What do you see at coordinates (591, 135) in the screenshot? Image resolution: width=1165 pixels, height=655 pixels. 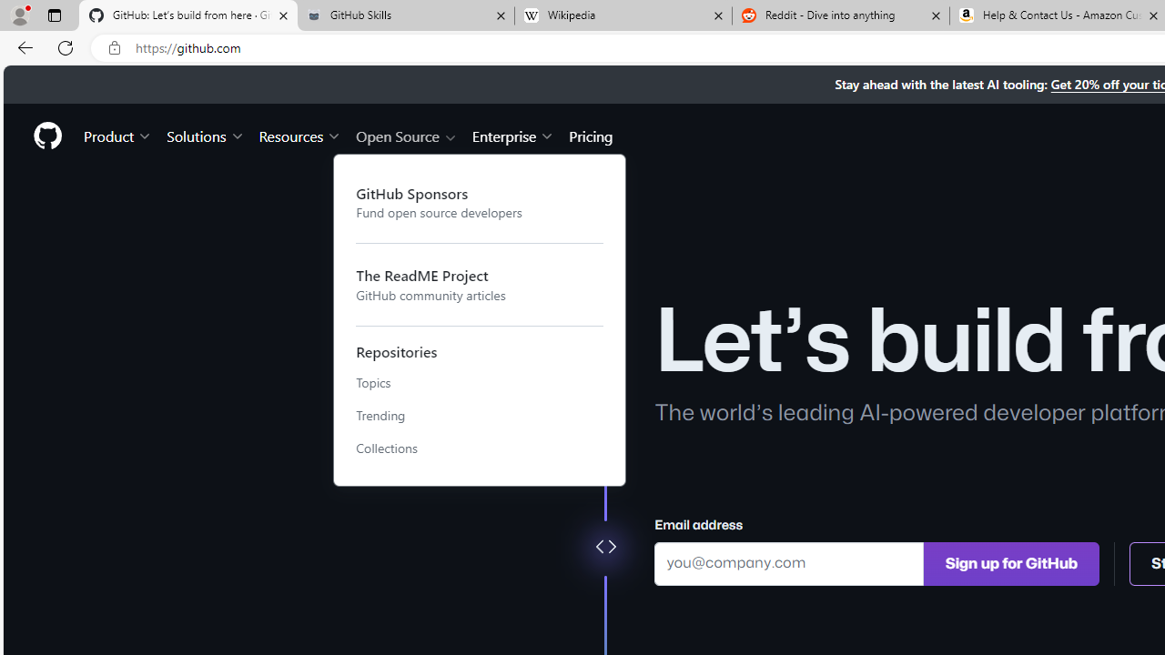 I see `'Pricing'` at bounding box center [591, 135].